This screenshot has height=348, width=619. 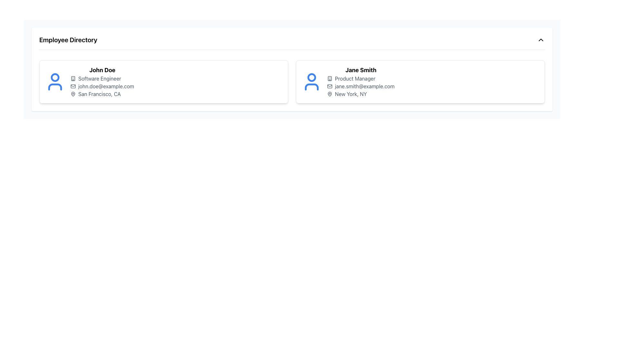 I want to click on the lower part of the user avatar icon, which is styled in blue and located in the right card next to the text about Jane Smith, so click(x=311, y=87).